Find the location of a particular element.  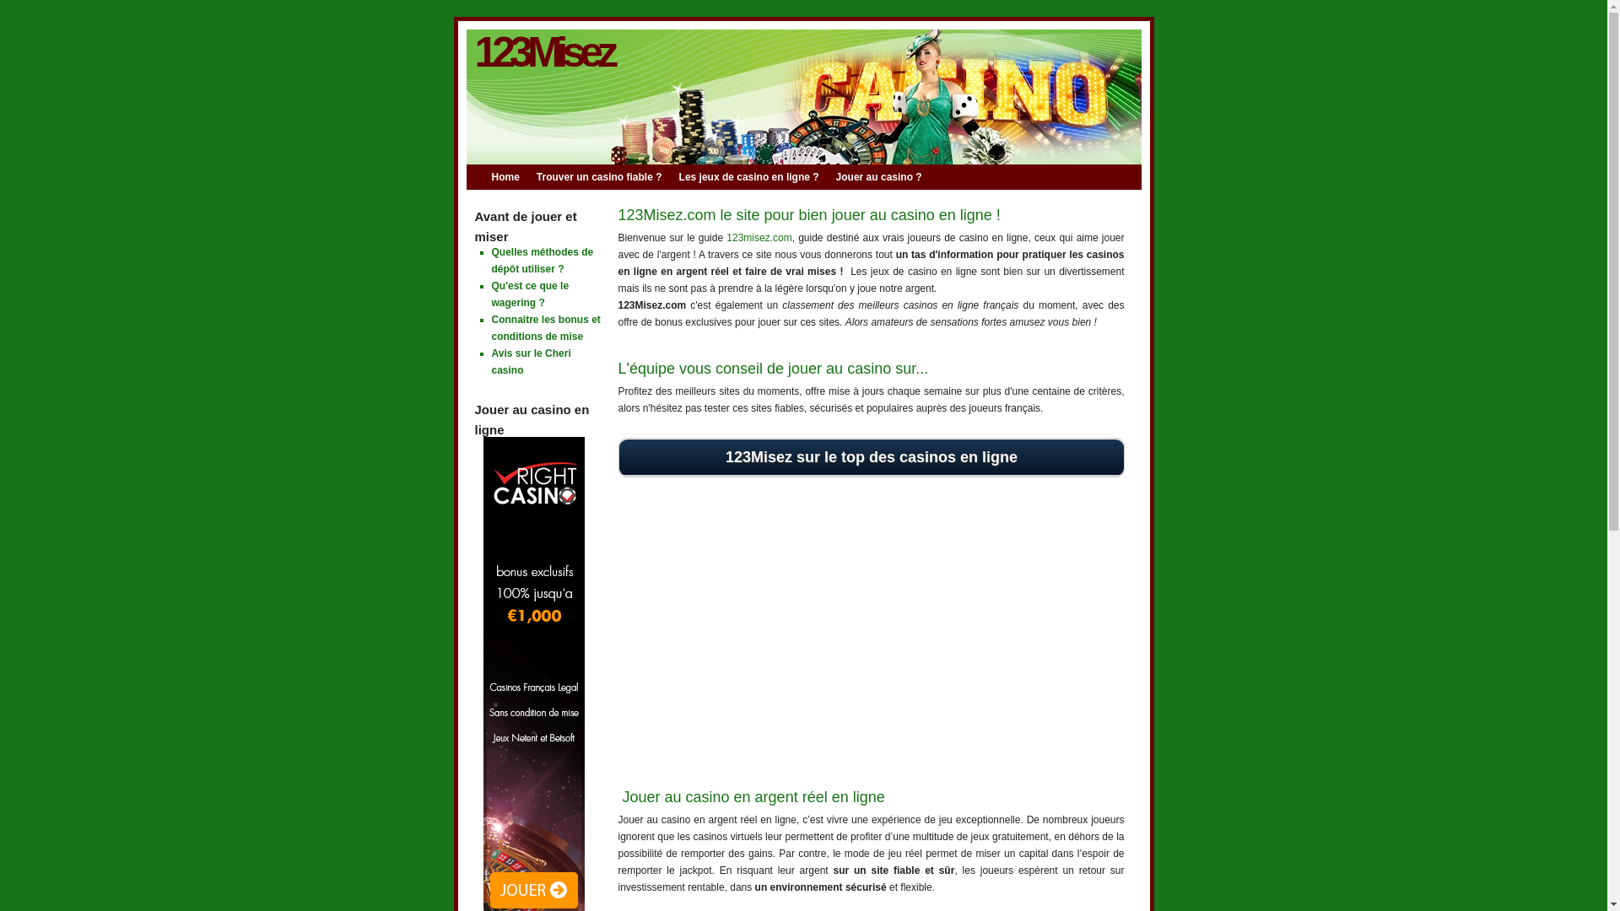

'Trouver un casino fiable ?' is located at coordinates (535, 176).